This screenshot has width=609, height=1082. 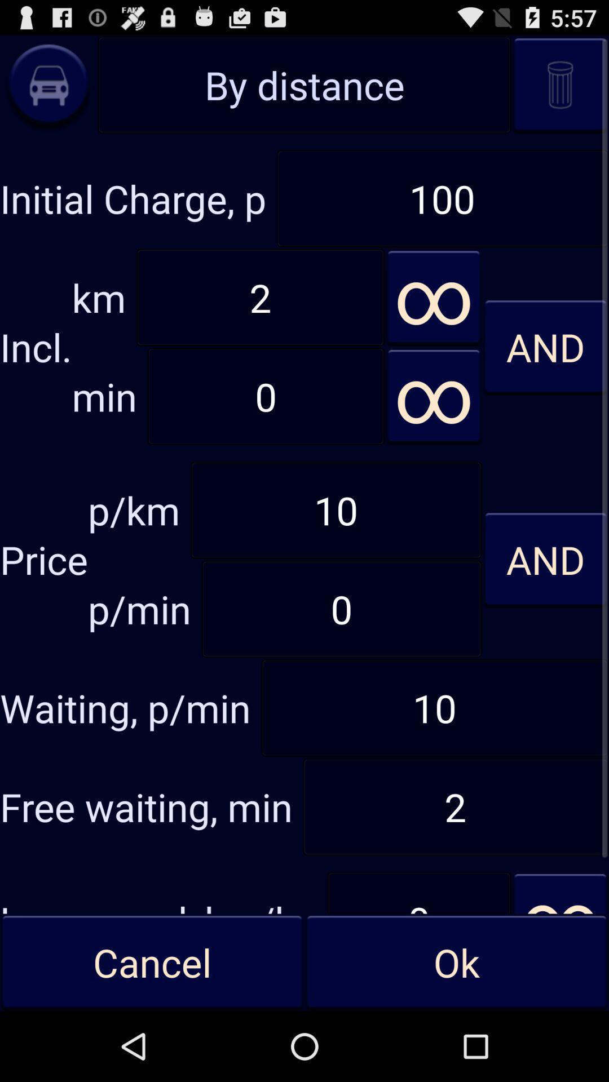 What do you see at coordinates (48, 91) in the screenshot?
I see `the chat icon` at bounding box center [48, 91].